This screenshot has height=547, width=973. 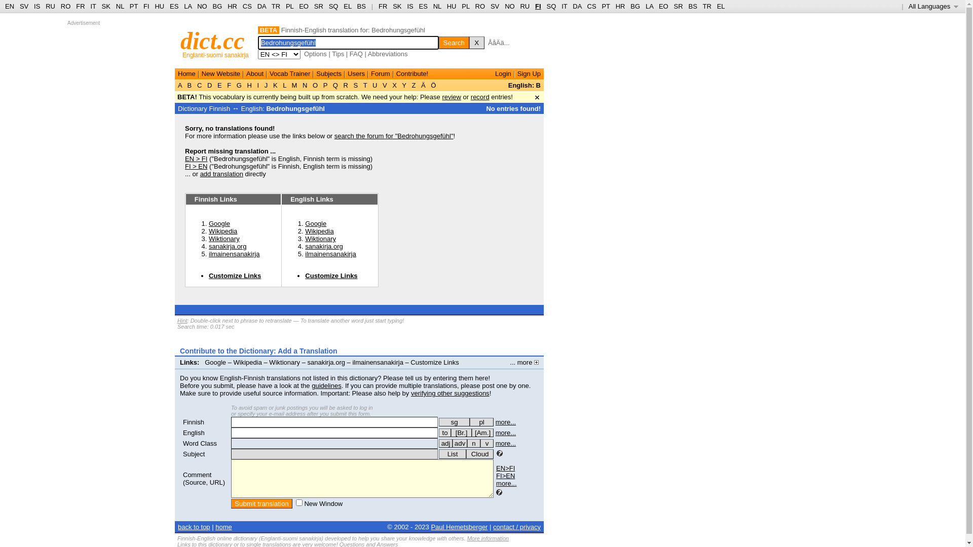 What do you see at coordinates (706, 6) in the screenshot?
I see `'TR'` at bounding box center [706, 6].